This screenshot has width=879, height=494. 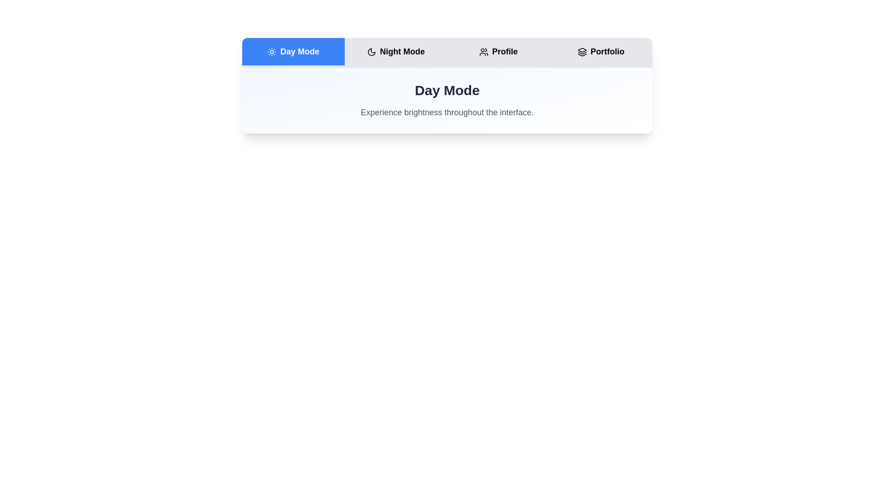 I want to click on the tab labeled Night Mode, so click(x=396, y=51).